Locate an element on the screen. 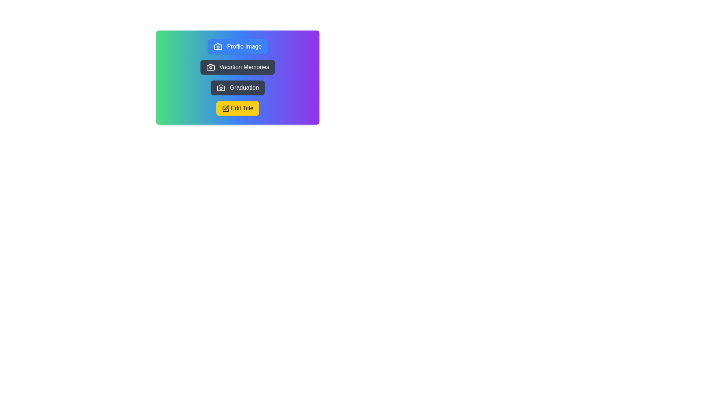  the pen icon that indicates editing functionality, positioned next to the 'Edit Title' text within the yellow button at the bottom of the card area is located at coordinates (225, 108).